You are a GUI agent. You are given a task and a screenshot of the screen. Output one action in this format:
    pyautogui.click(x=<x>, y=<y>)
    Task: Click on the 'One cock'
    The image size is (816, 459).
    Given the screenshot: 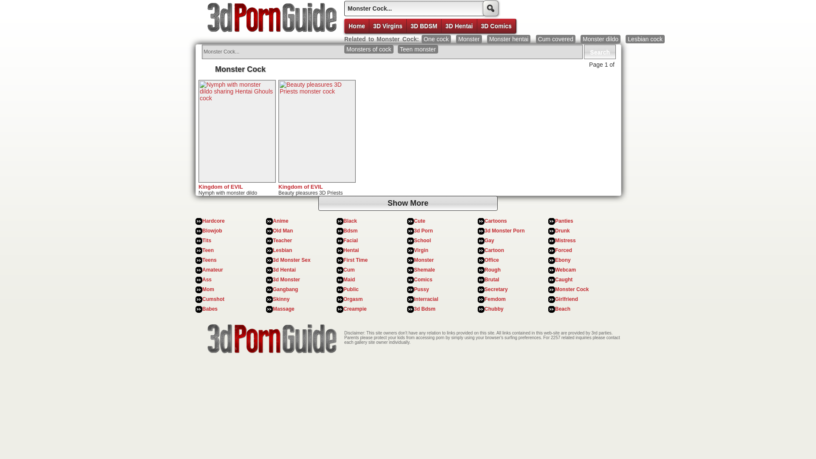 What is the action you would take?
    pyautogui.click(x=422, y=39)
    